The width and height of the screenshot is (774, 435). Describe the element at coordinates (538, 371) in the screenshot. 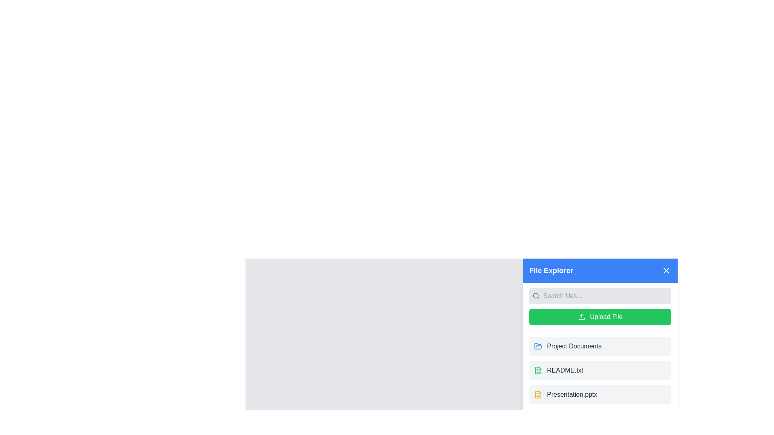

I see `the small green document icon located to the left of the 'README.txt' label` at that location.